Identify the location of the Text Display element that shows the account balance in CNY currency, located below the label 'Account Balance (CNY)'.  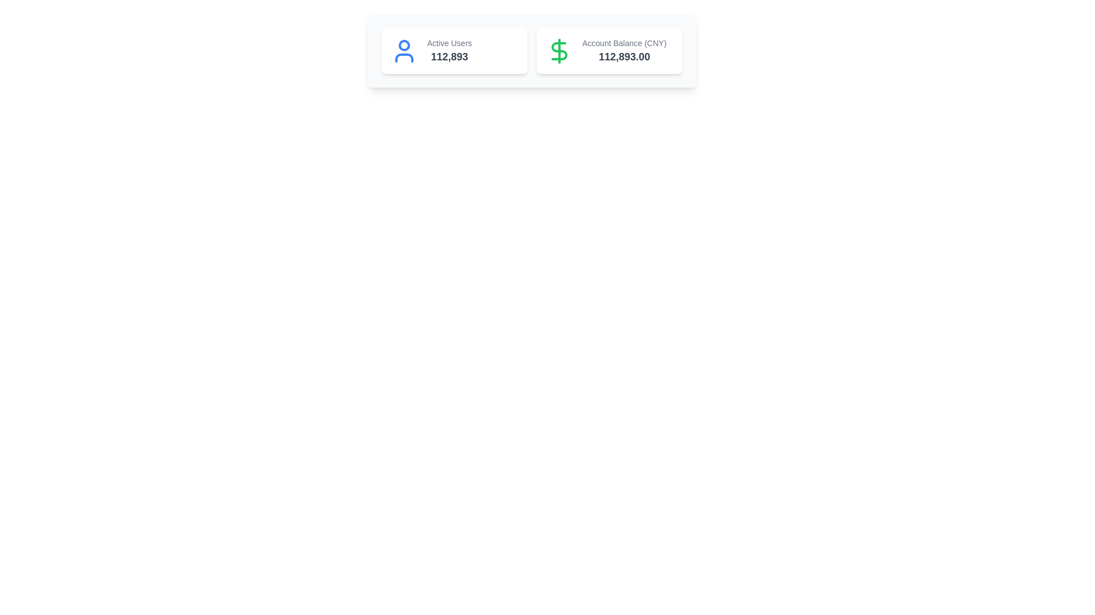
(623, 57).